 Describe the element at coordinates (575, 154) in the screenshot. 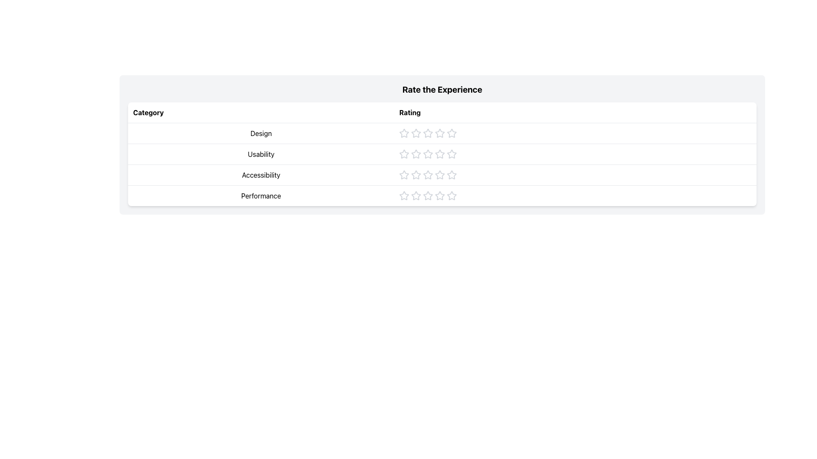

I see `one of the star icons in the 'Usability' rating component` at that location.